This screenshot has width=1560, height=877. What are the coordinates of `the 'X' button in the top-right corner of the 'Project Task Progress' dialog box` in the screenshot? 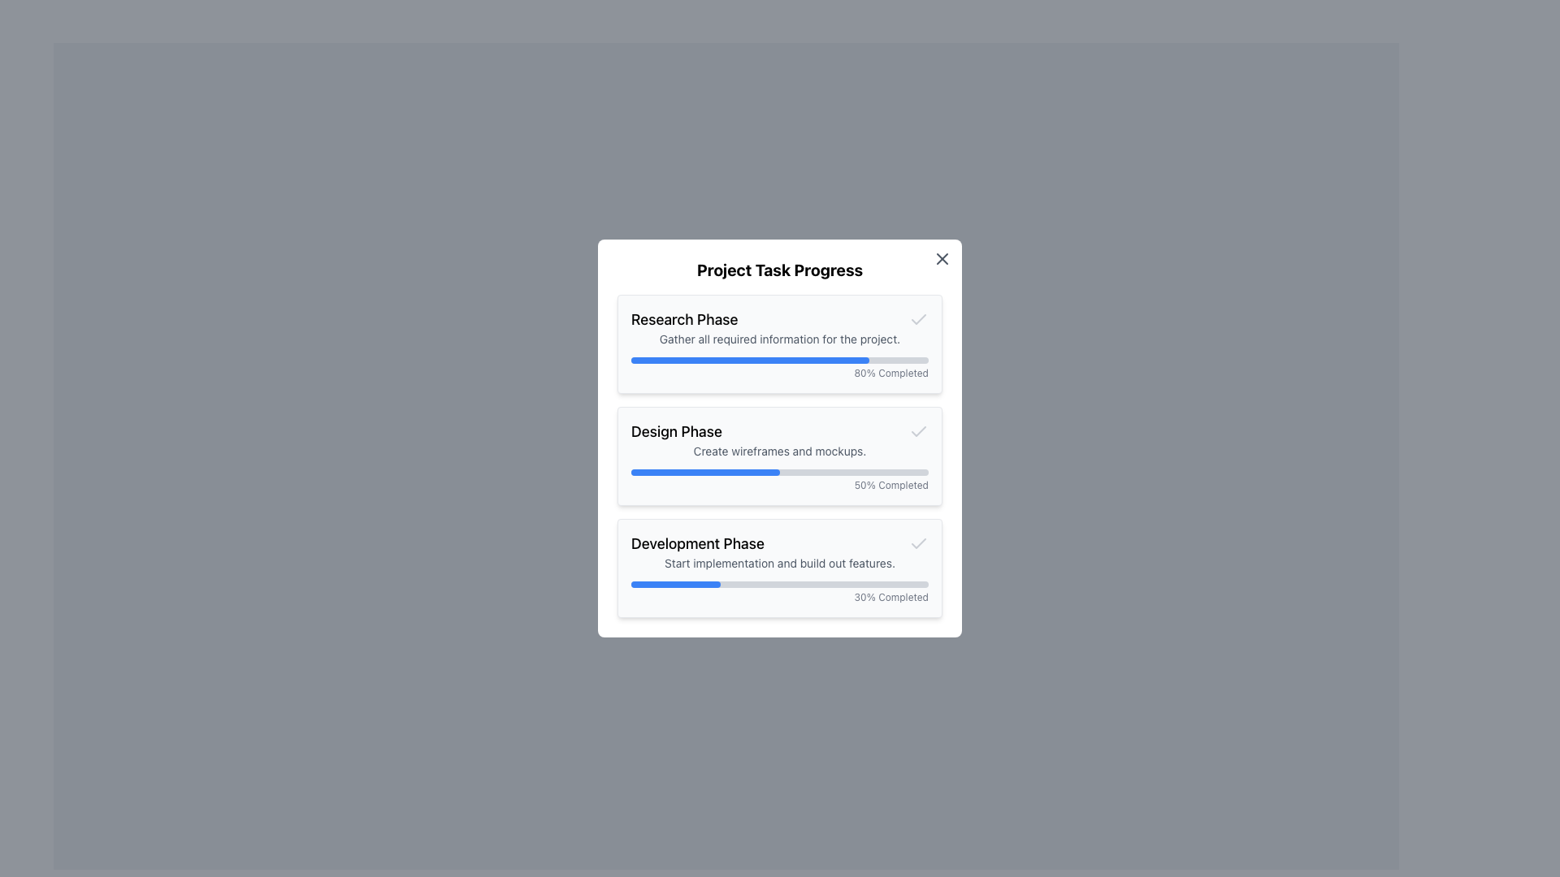 It's located at (942, 258).